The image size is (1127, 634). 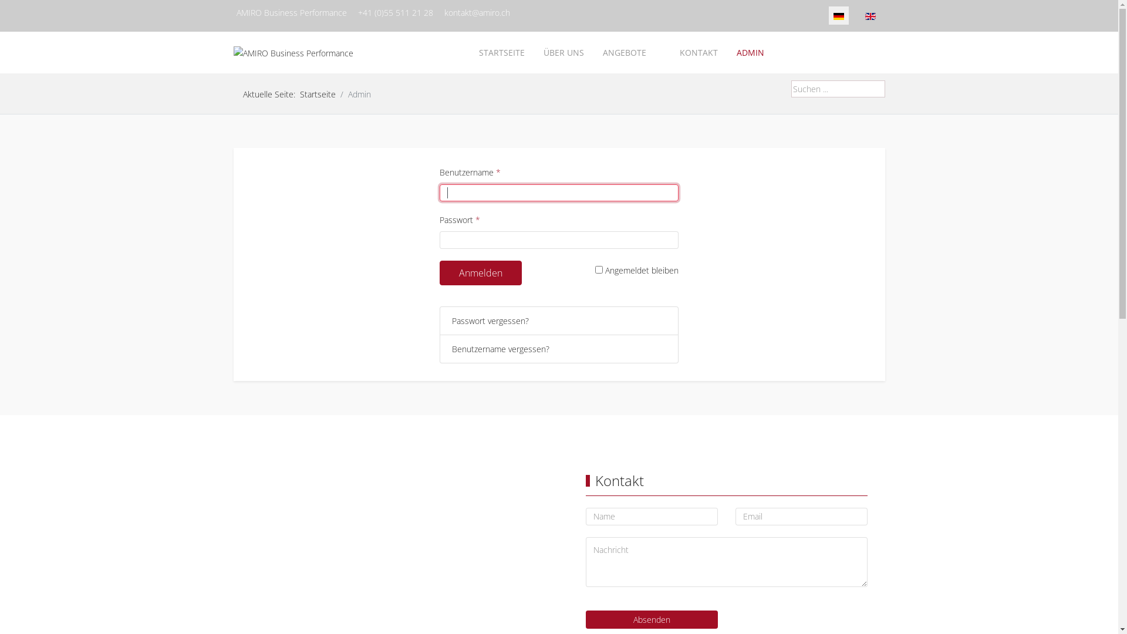 I want to click on 'Anmelden', so click(x=481, y=273).